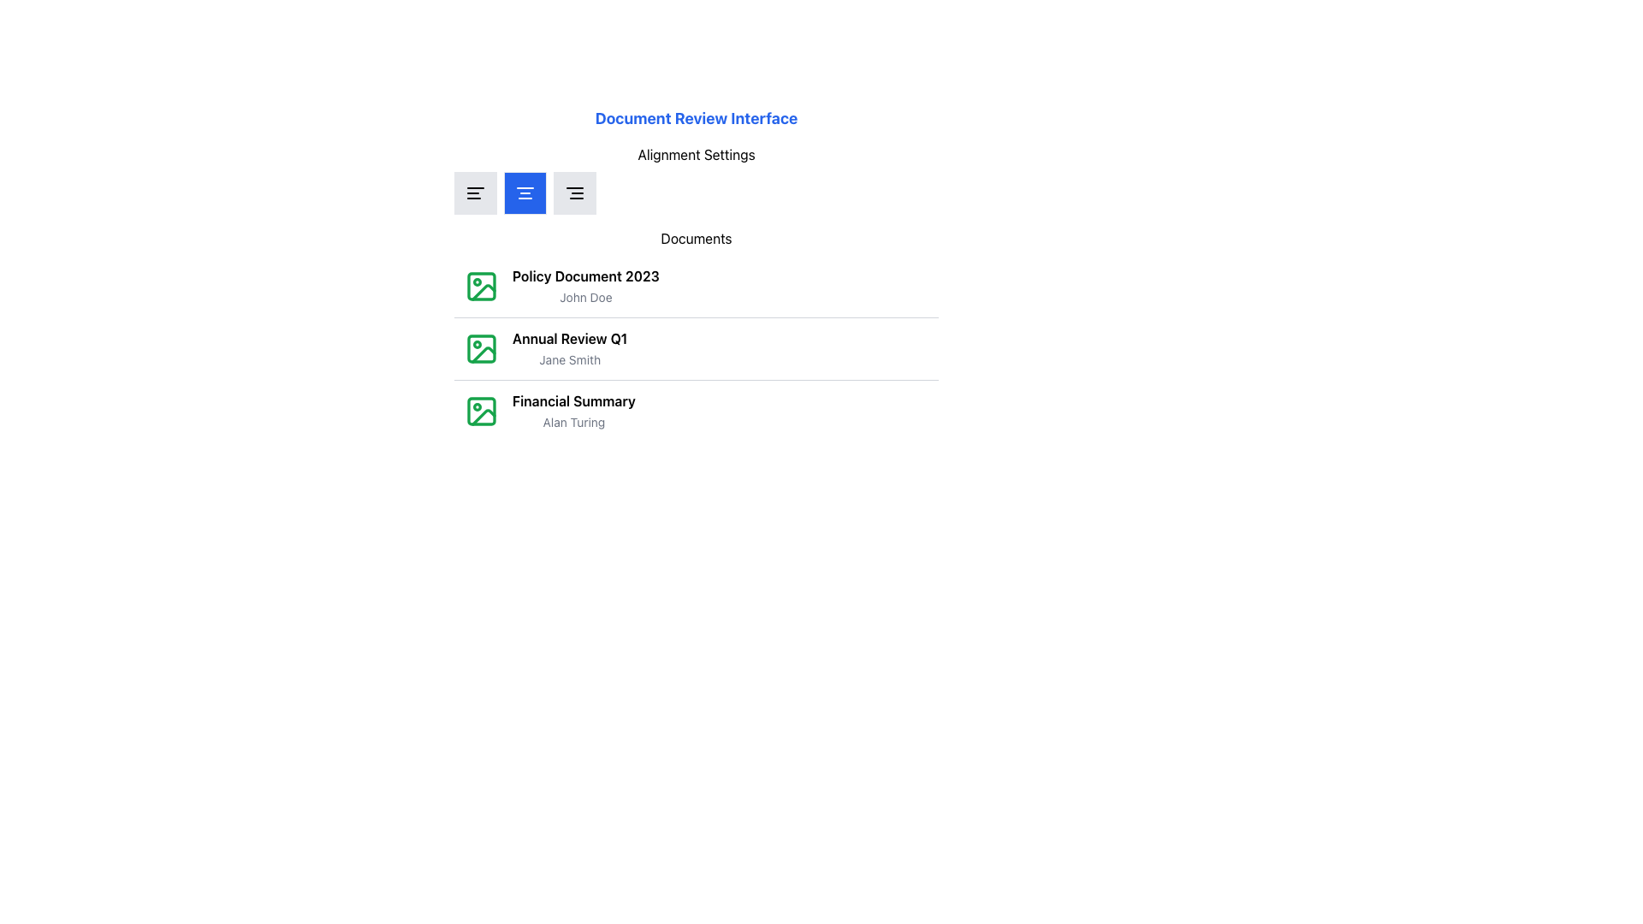  Describe the element at coordinates (562, 286) in the screenshot. I see `the Composite list item titled 'Policy Document 2023' with an icon and text, which is the first entry in the 'Documents' section` at that location.